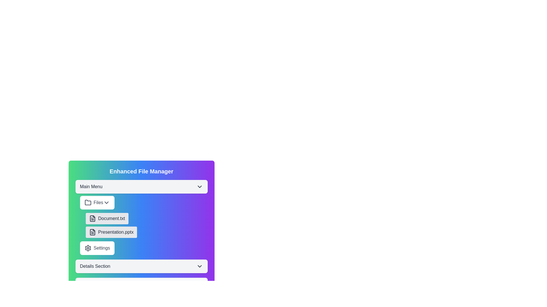 Image resolution: width=547 pixels, height=307 pixels. What do you see at coordinates (92, 232) in the screenshot?
I see `the document icon representing 'Presentation.pptx' in the Enhanced File Manager interface` at bounding box center [92, 232].